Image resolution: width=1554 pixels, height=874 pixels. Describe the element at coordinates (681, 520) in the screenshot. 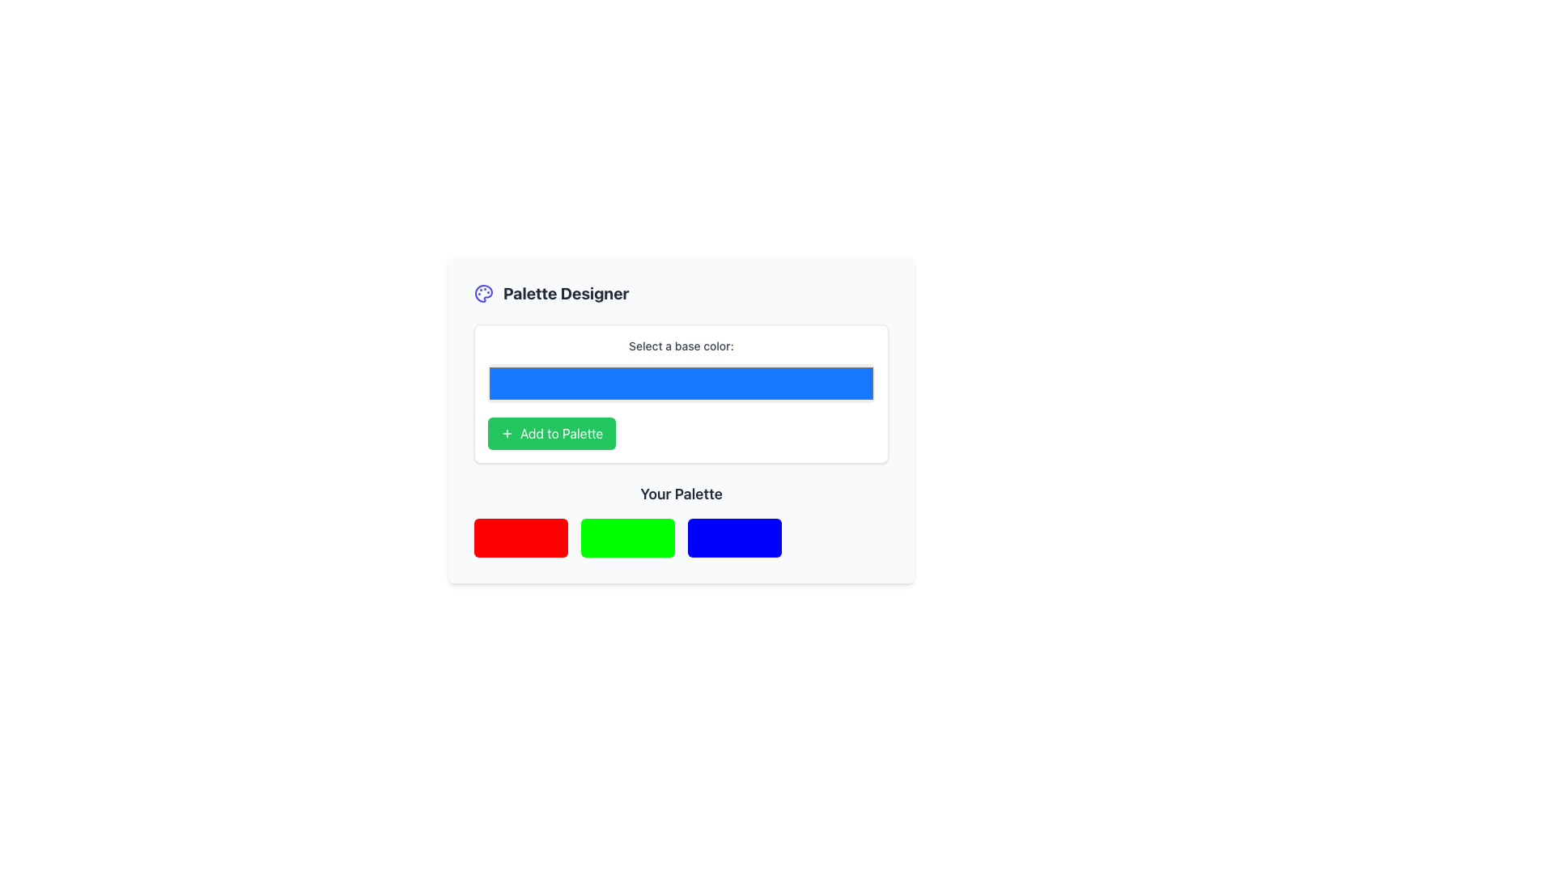

I see `the 'Your Palette' section that contains a grid of color swatches, located below the 'Add to Palette' button in the 'Palette Designer' area` at that location.